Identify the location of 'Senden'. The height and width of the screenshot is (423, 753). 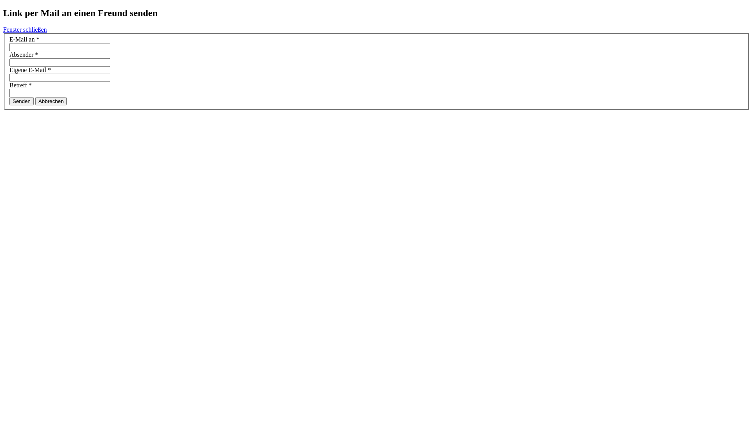
(9, 101).